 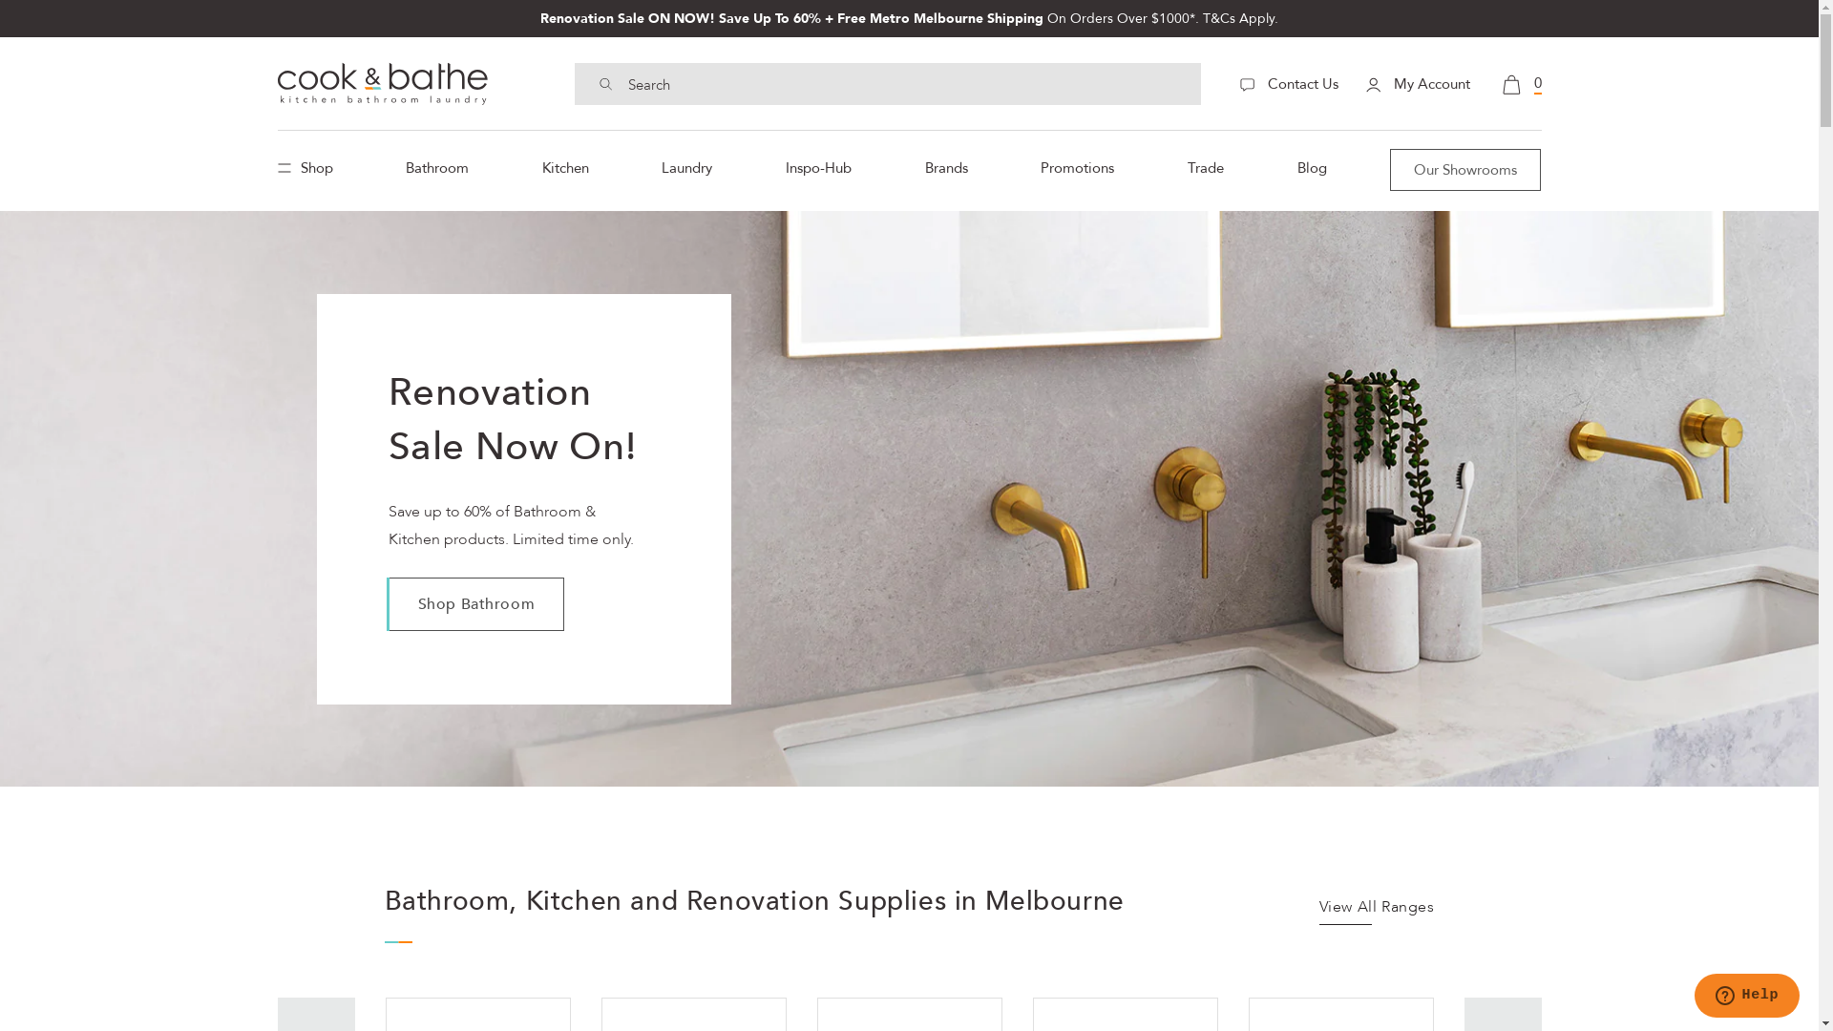 What do you see at coordinates (475, 603) in the screenshot?
I see `'Shop Bathroom'` at bounding box center [475, 603].